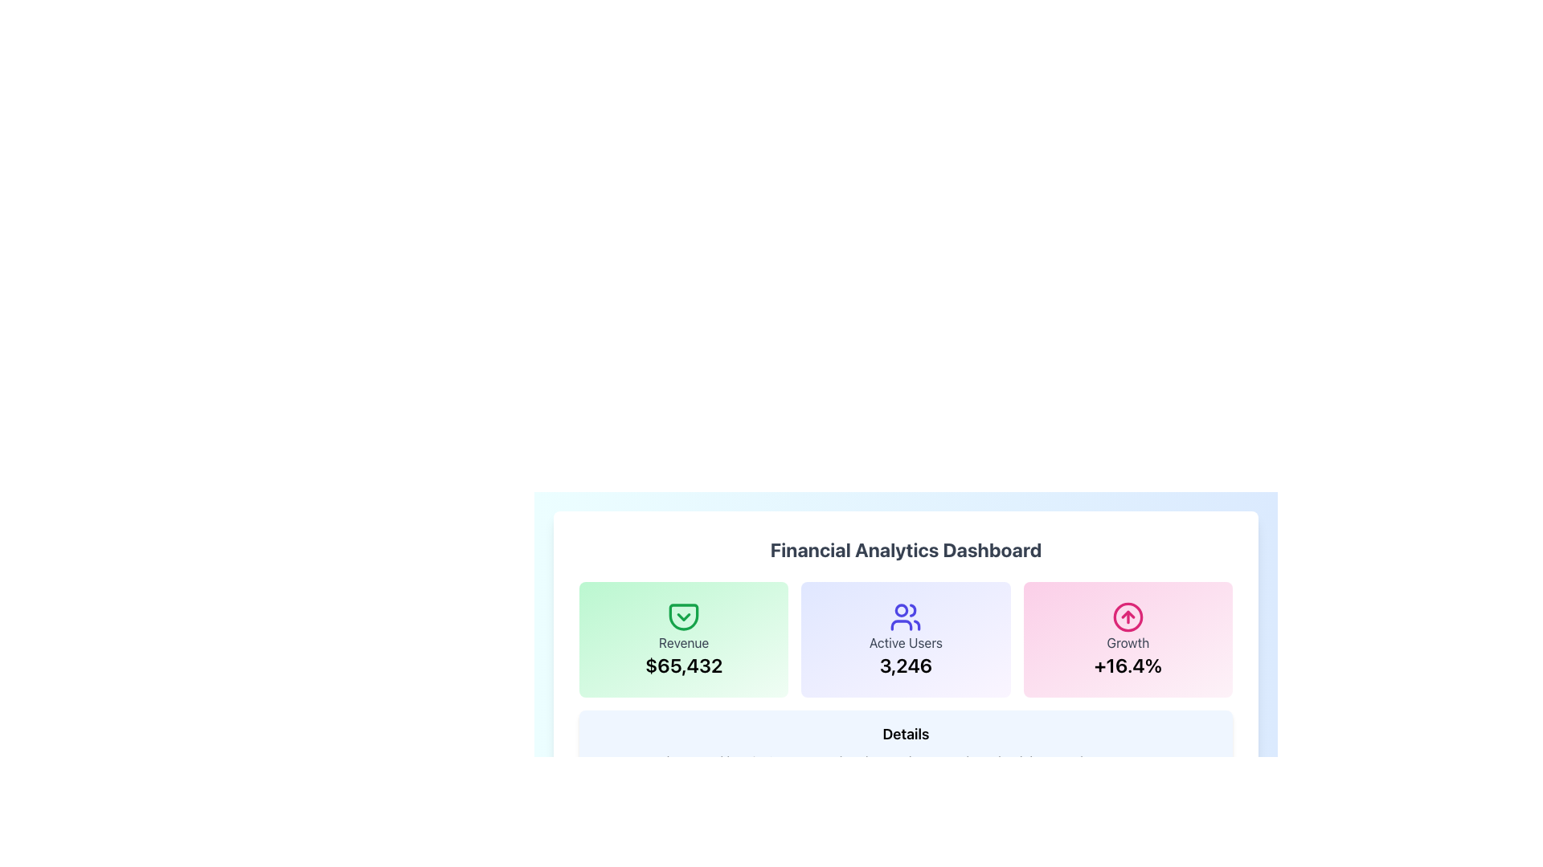  I want to click on the SVG circle icon located in the top-right section of the pink-themed 'Growth' panel on the dashboard, so click(1127, 616).